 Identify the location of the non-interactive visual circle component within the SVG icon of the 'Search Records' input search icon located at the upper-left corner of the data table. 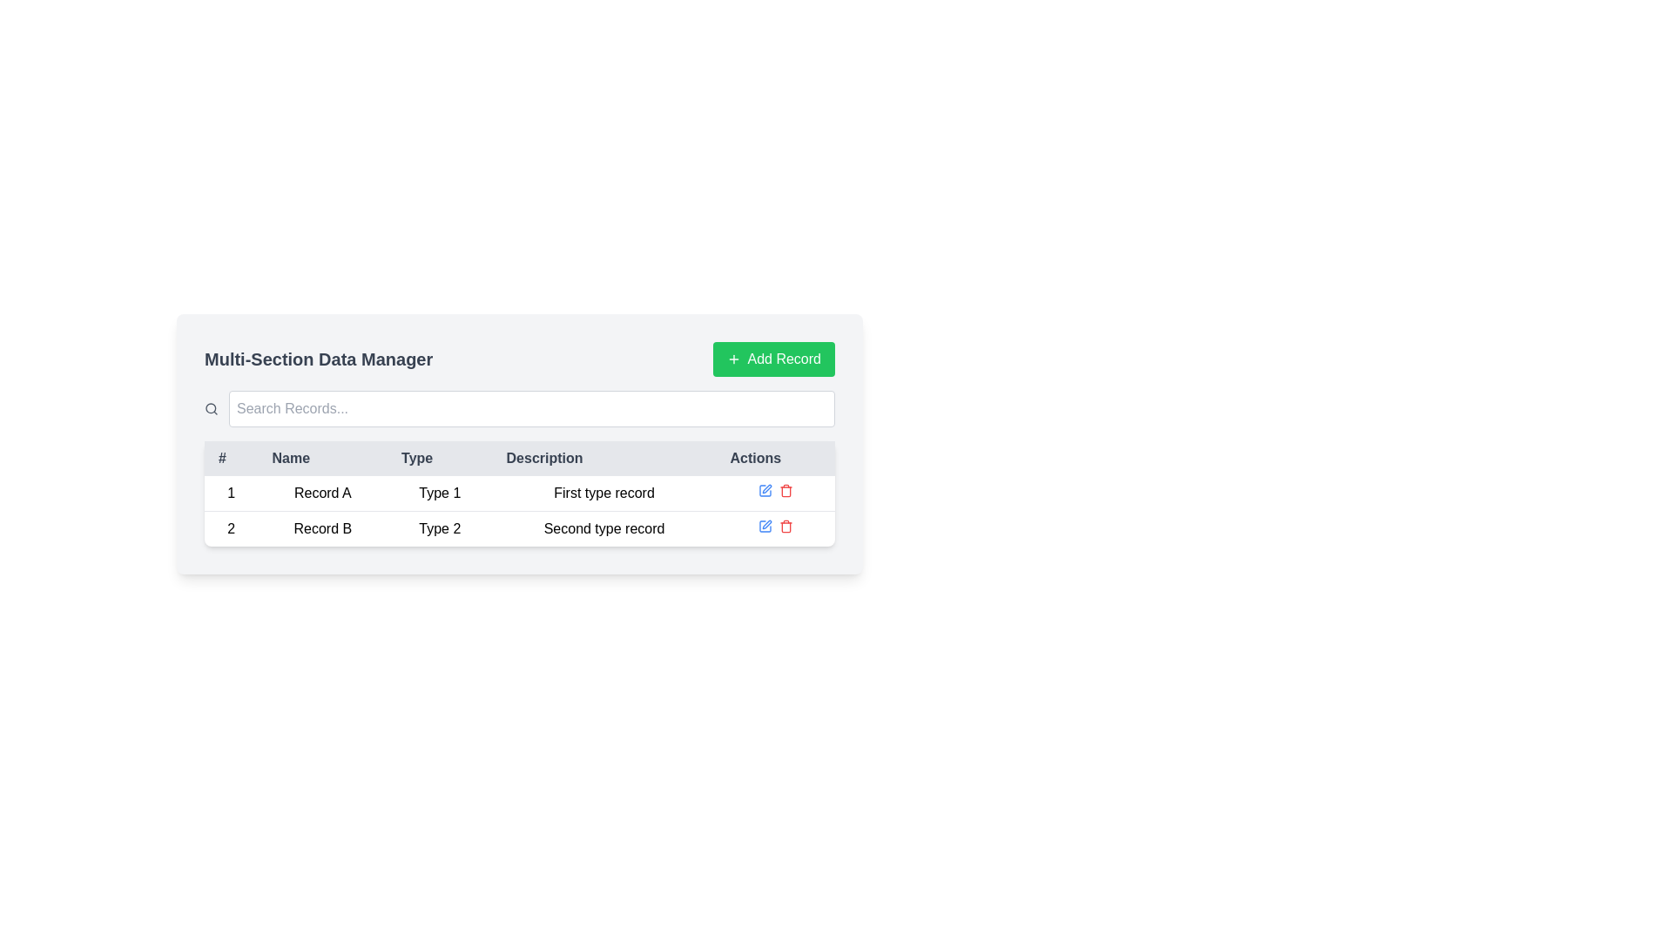
(210, 408).